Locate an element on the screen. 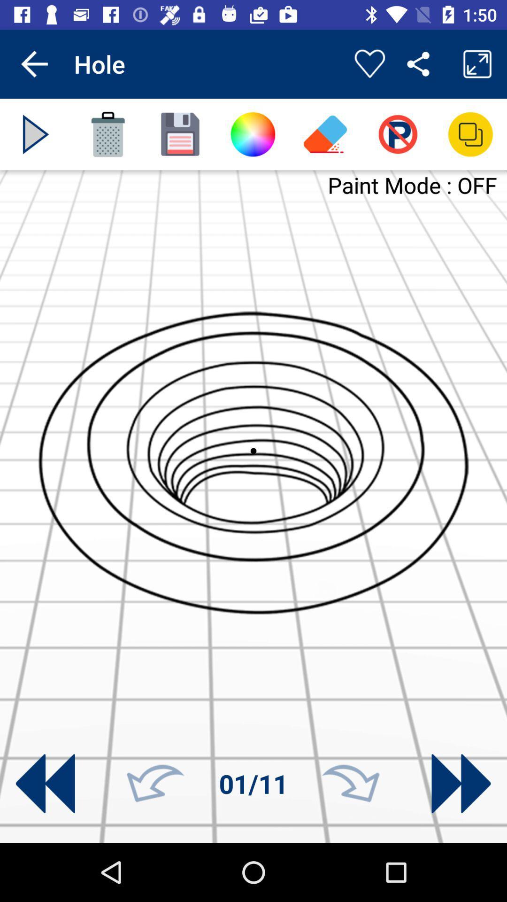 Image resolution: width=507 pixels, height=902 pixels. the av_rewind icon is located at coordinates (45, 784).